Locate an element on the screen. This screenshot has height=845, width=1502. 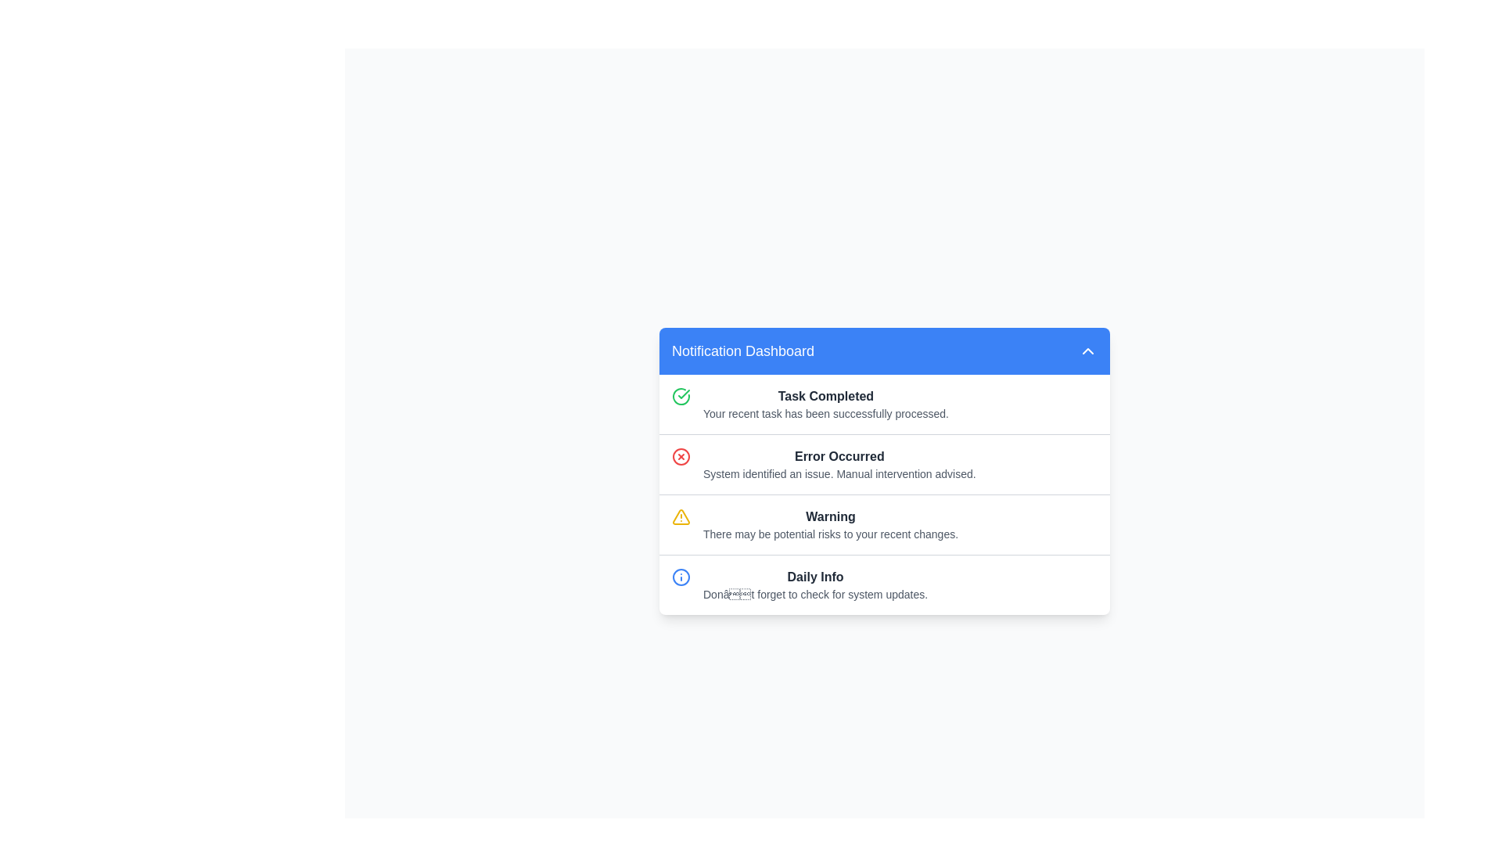
the status indicator icon that visually represents the successful completion of a task, located to the left of the text 'Task Completed' in the top row of the notification list is located at coordinates (681, 395).